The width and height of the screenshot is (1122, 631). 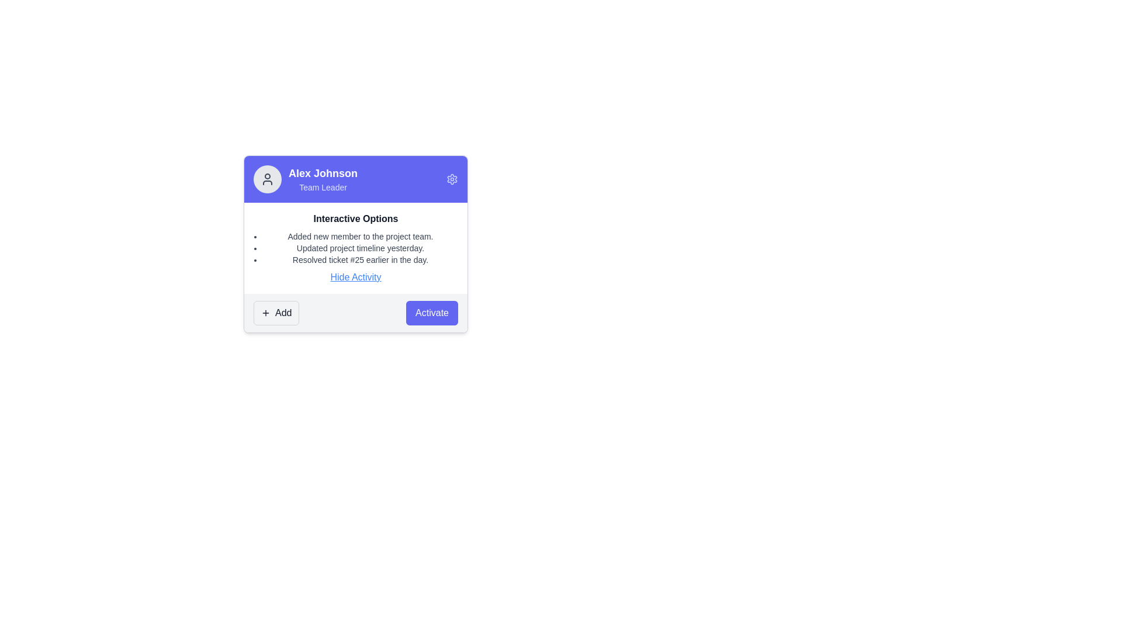 I want to click on text element stating 'Added new member to the project team.' which is the first item in the bulleted list under the 'Interactive Options' section of the user information card, so click(x=360, y=237).